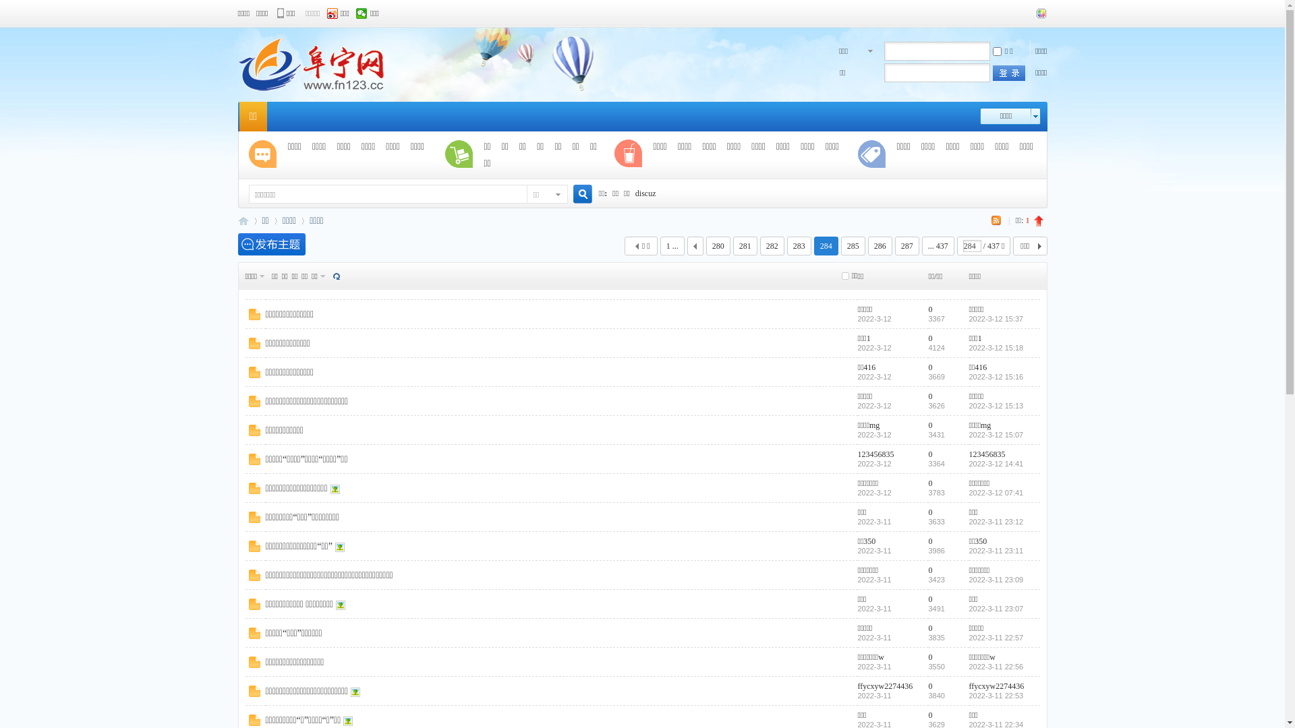 This screenshot has height=728, width=1295. What do you see at coordinates (996, 551) in the screenshot?
I see `'2022-3-11 23:11'` at bounding box center [996, 551].